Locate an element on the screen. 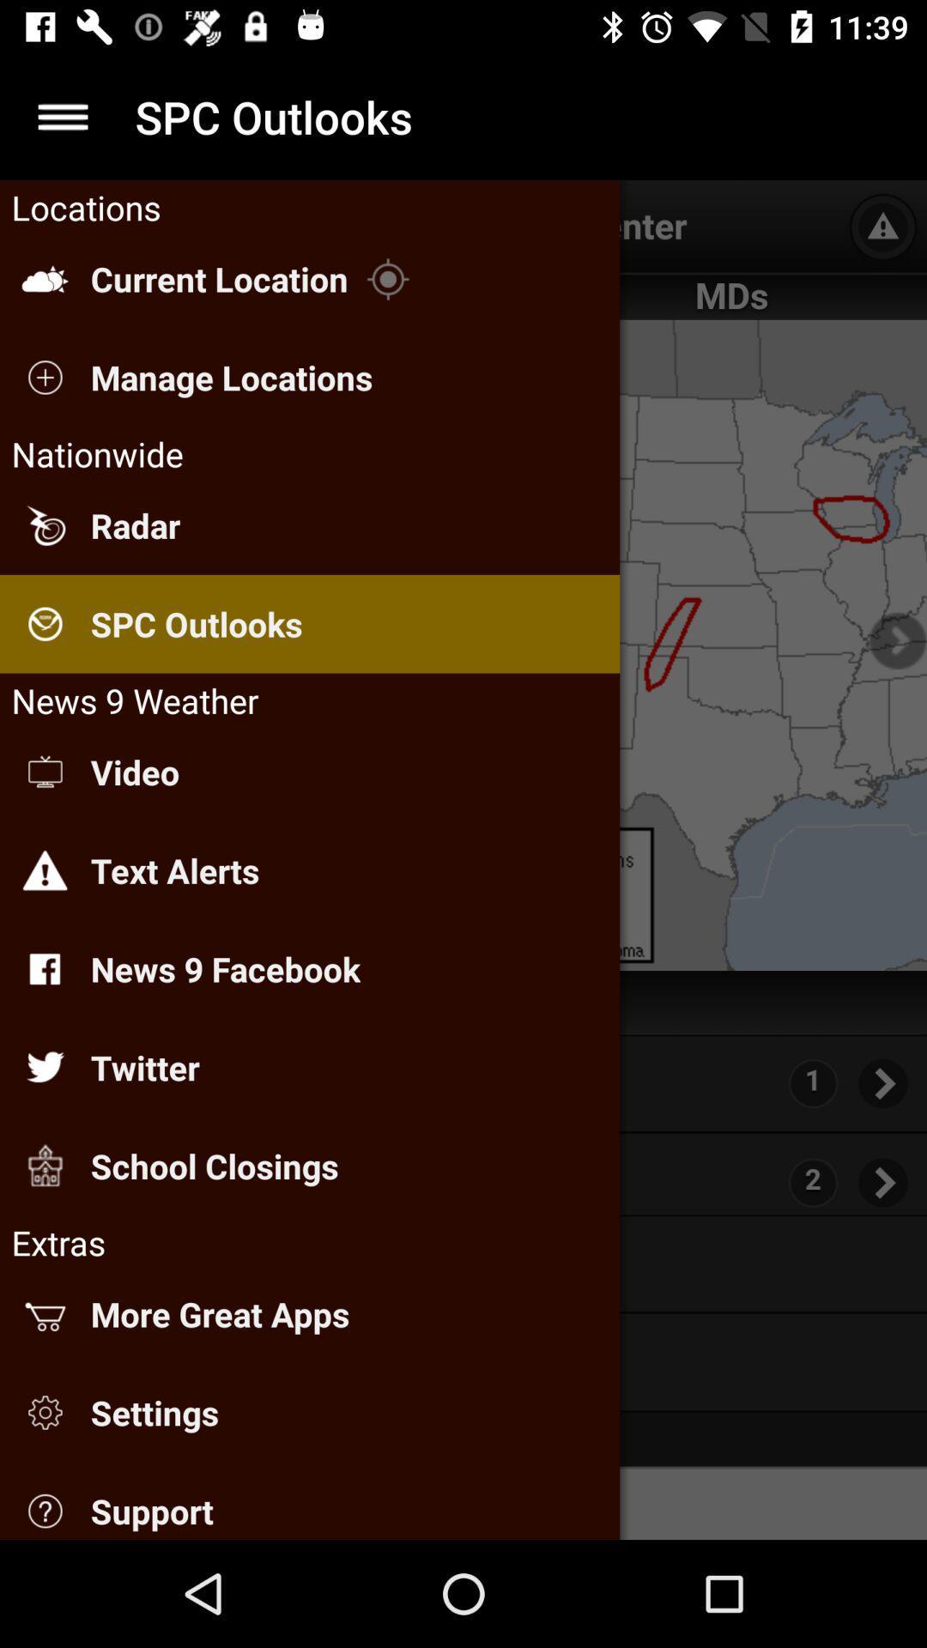 The height and width of the screenshot is (1648, 927). more options is located at coordinates (62, 116).